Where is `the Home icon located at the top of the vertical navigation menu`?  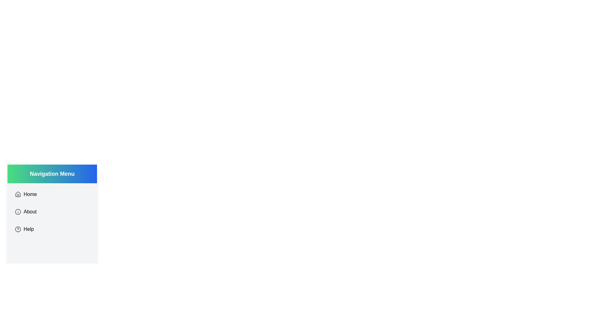
the Home icon located at the top of the vertical navigation menu is located at coordinates (18, 194).